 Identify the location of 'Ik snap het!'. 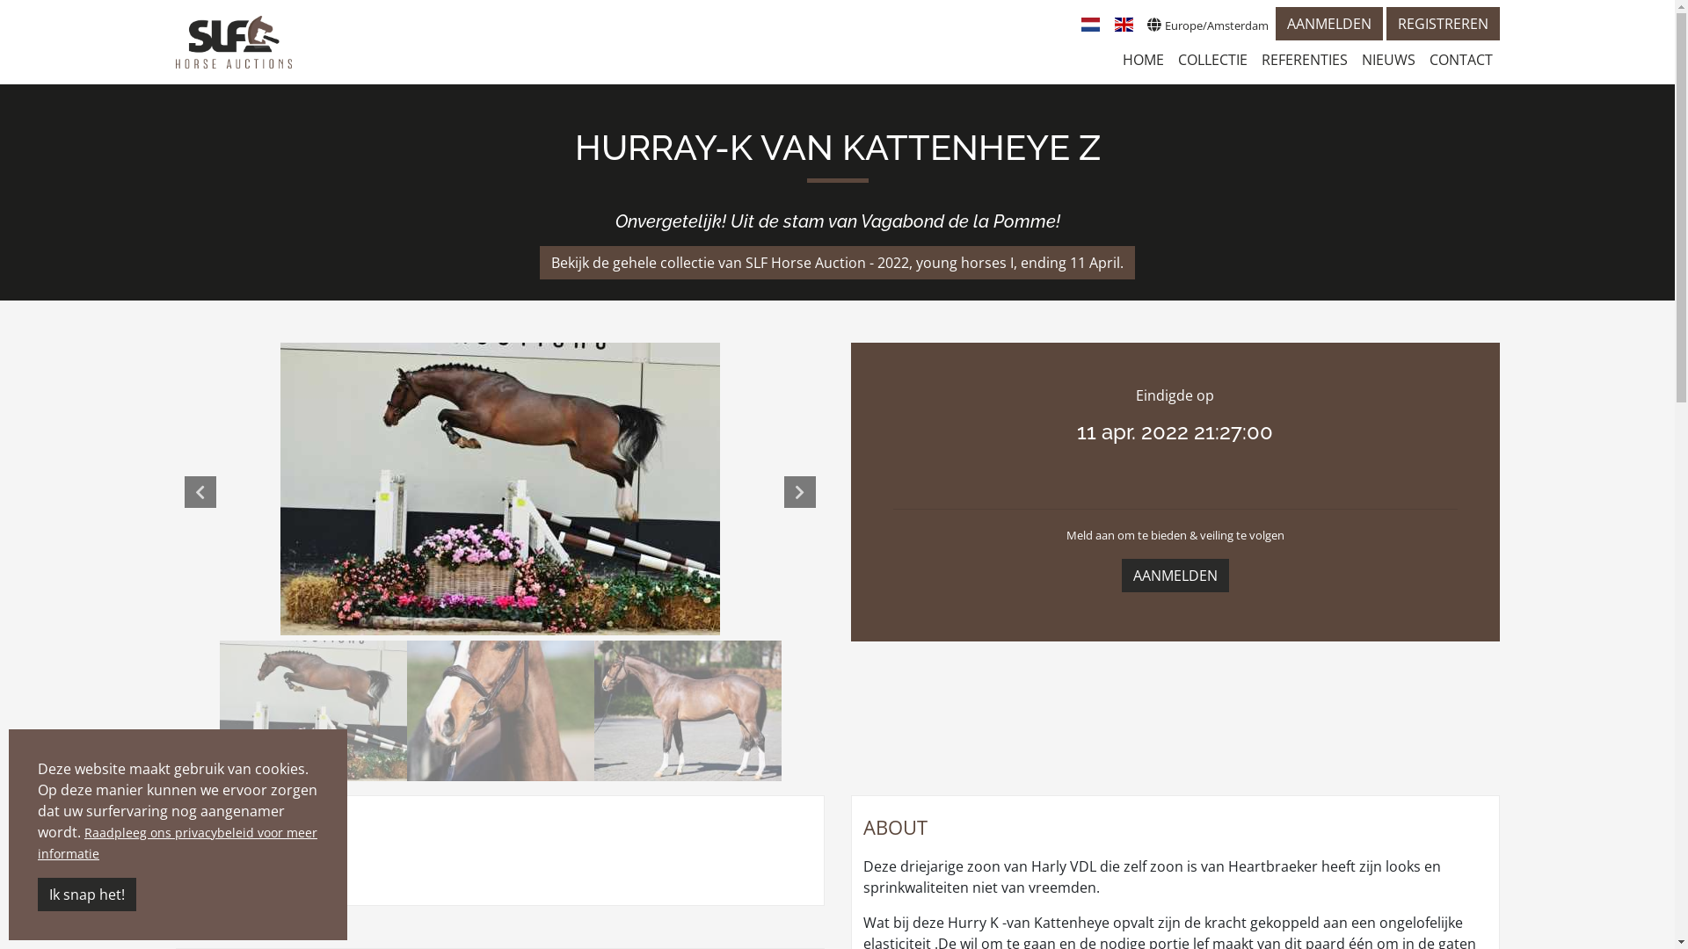
(86, 895).